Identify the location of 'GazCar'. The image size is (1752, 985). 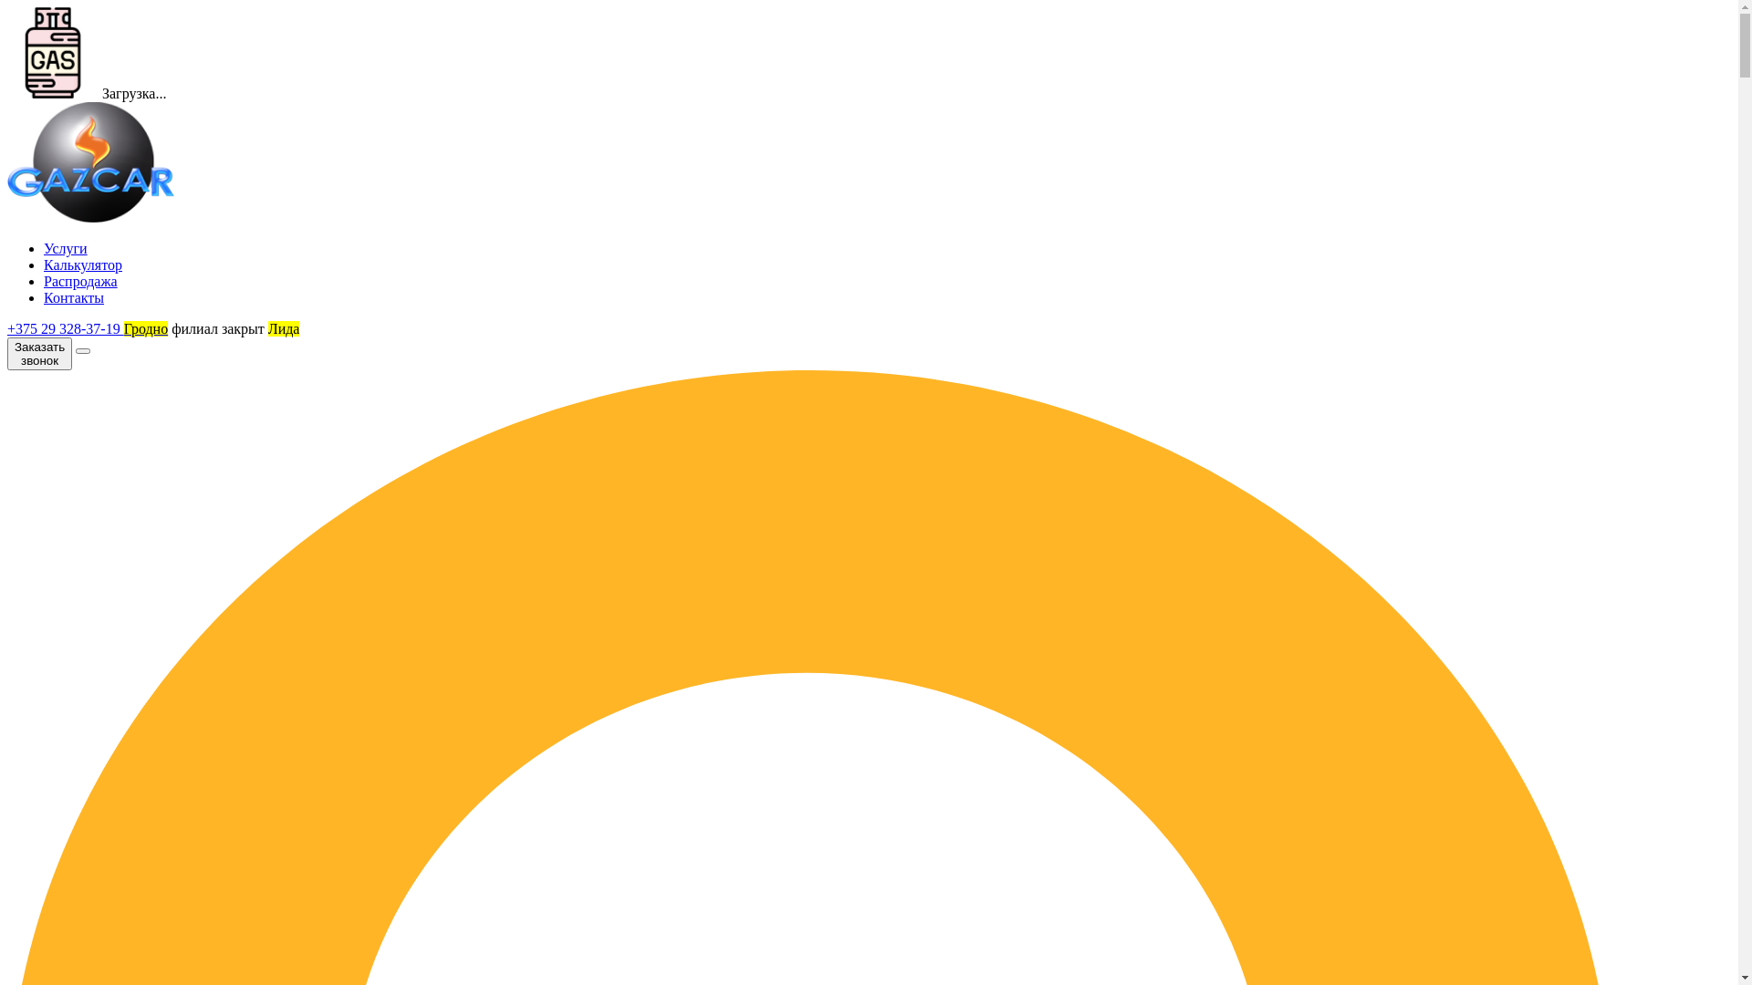
(89, 161).